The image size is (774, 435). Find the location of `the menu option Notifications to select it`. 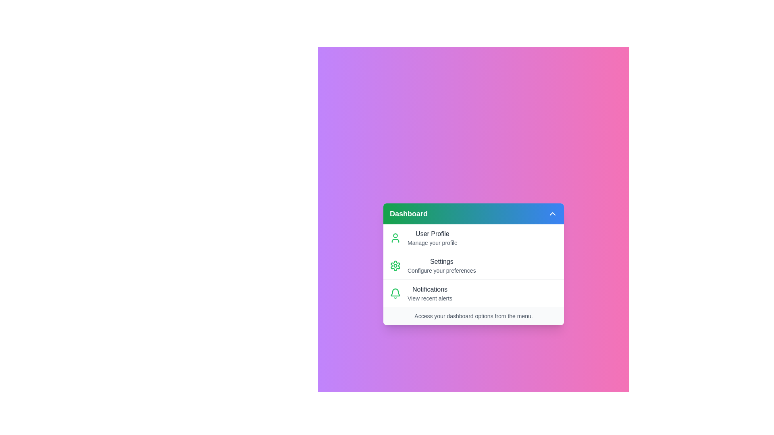

the menu option Notifications to select it is located at coordinates (474, 293).